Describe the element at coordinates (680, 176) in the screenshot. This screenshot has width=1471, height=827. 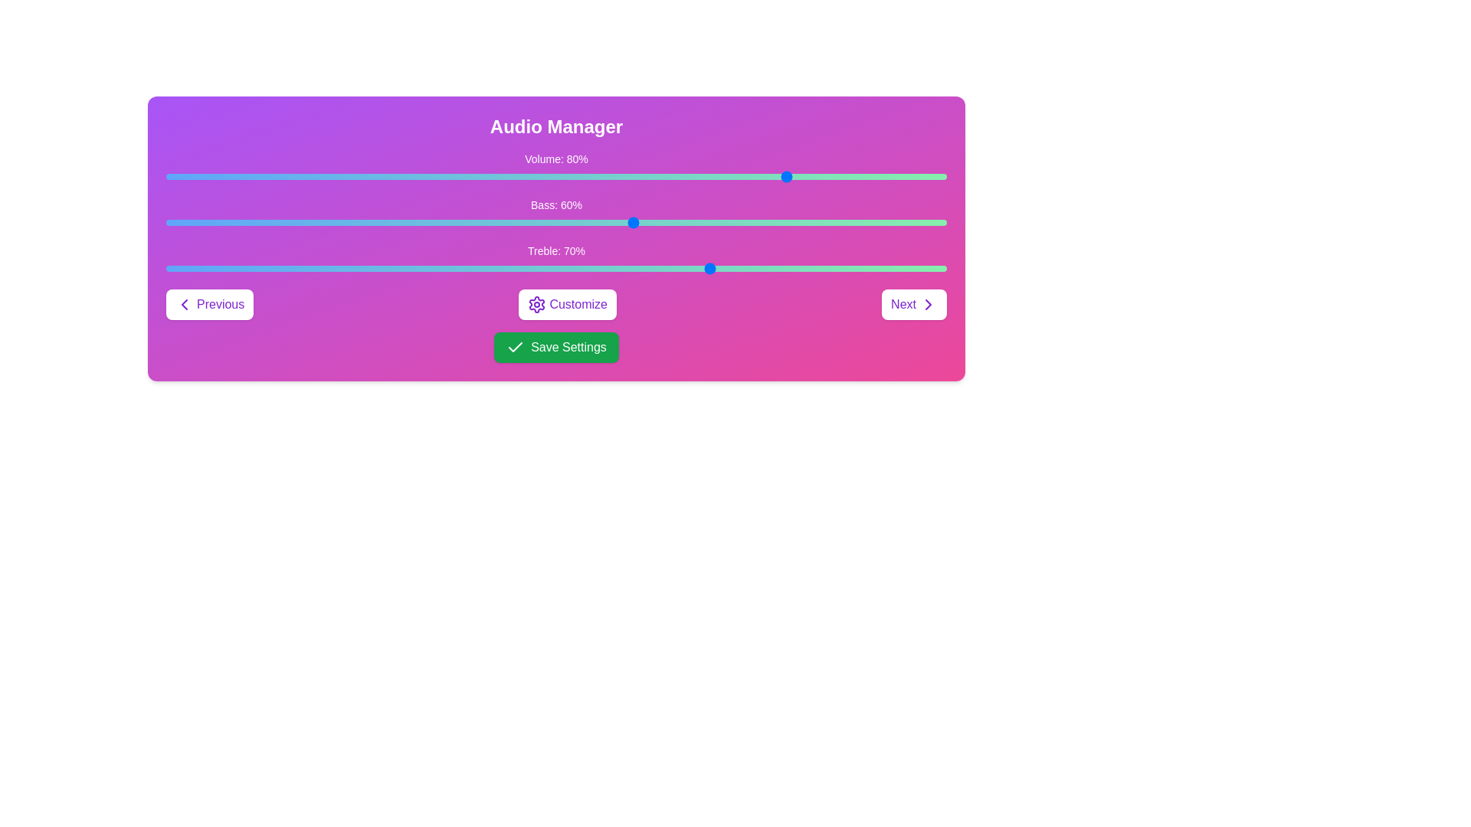
I see `the slider value` at that location.